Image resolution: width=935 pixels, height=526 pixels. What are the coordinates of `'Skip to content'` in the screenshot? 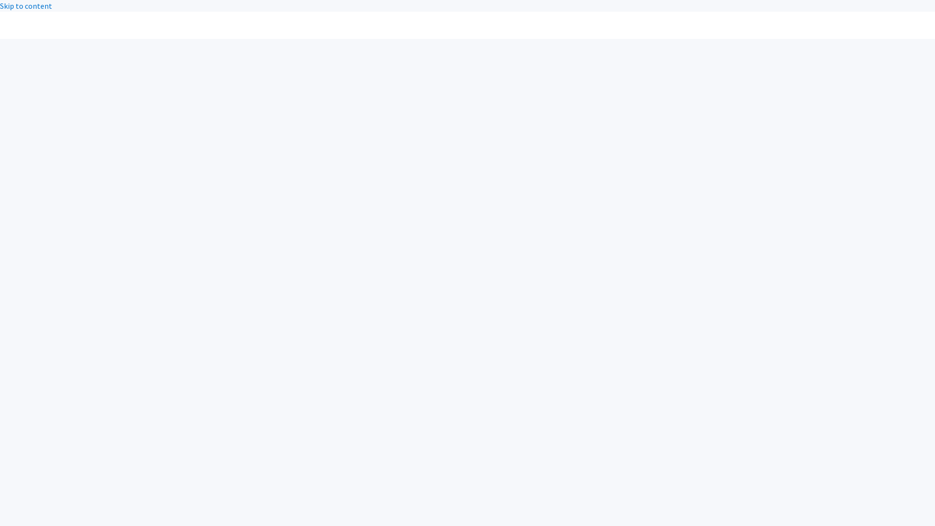 It's located at (0, 5).